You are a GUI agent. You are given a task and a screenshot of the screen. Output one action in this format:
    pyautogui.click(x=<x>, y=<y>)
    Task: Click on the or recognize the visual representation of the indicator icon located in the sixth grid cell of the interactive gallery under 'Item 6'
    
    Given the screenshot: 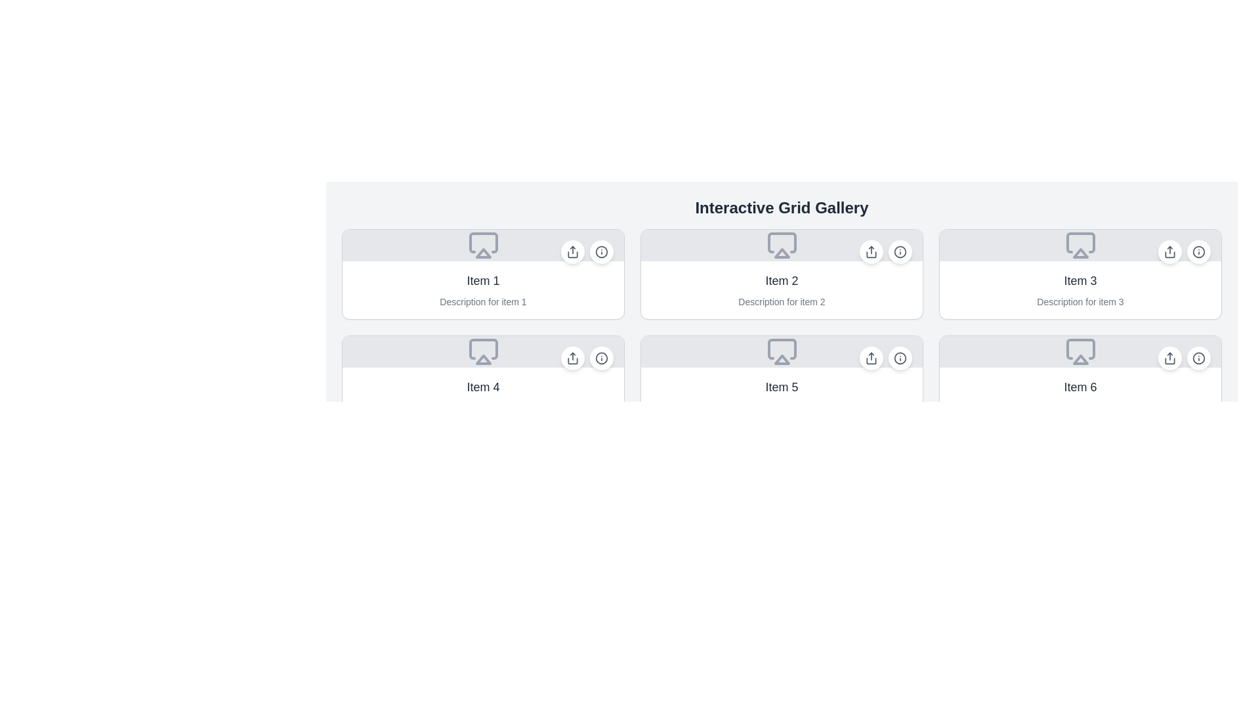 What is the action you would take?
    pyautogui.click(x=1080, y=351)
    